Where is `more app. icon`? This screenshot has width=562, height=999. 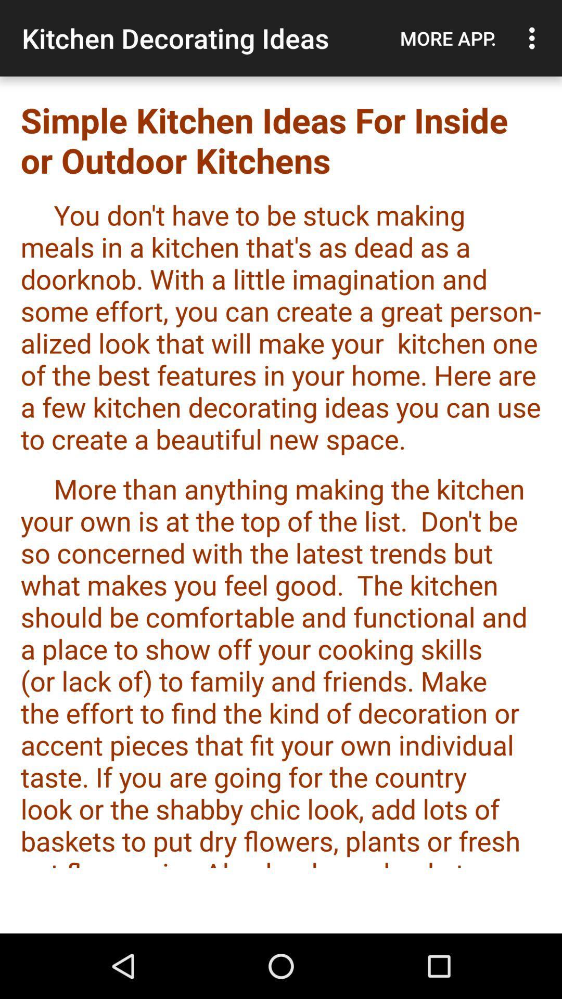
more app. icon is located at coordinates (448, 38).